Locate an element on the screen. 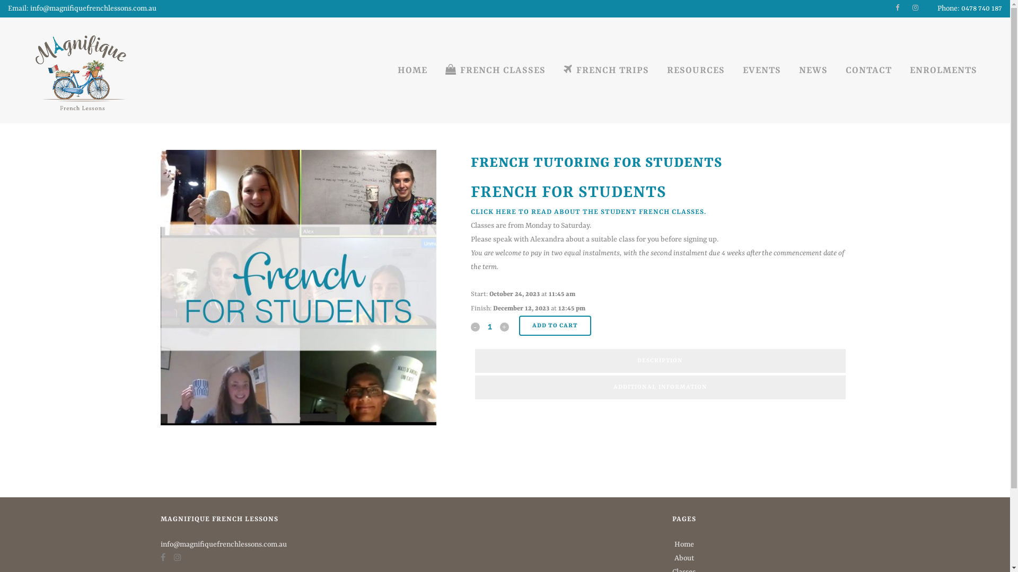  'Home' is located at coordinates (684, 544).